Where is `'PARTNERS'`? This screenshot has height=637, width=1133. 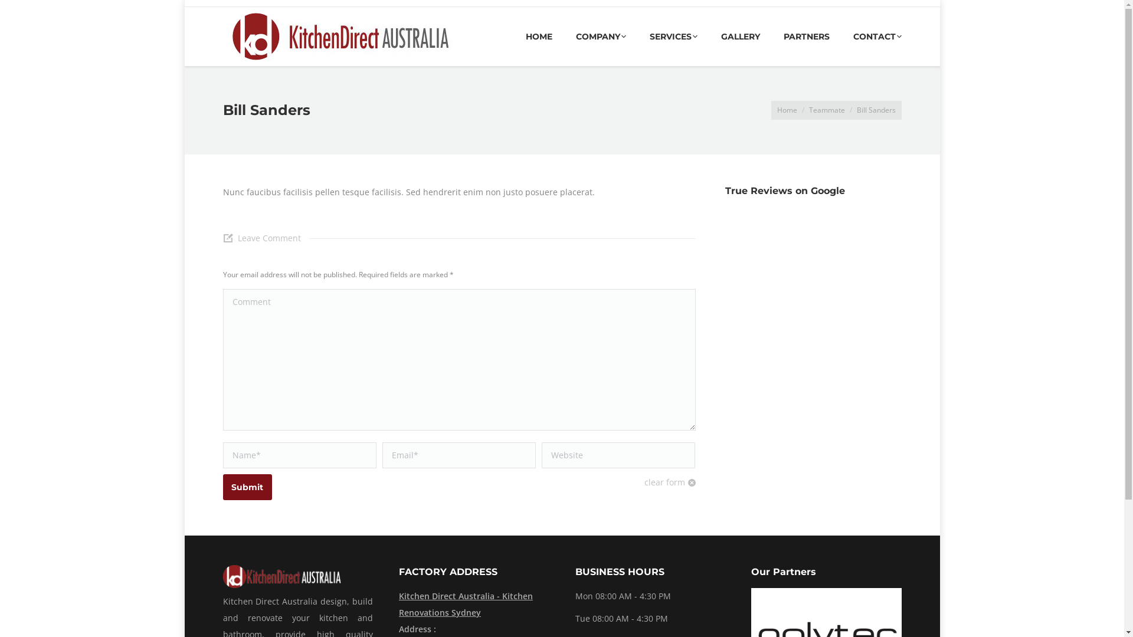 'PARTNERS' is located at coordinates (806, 35).